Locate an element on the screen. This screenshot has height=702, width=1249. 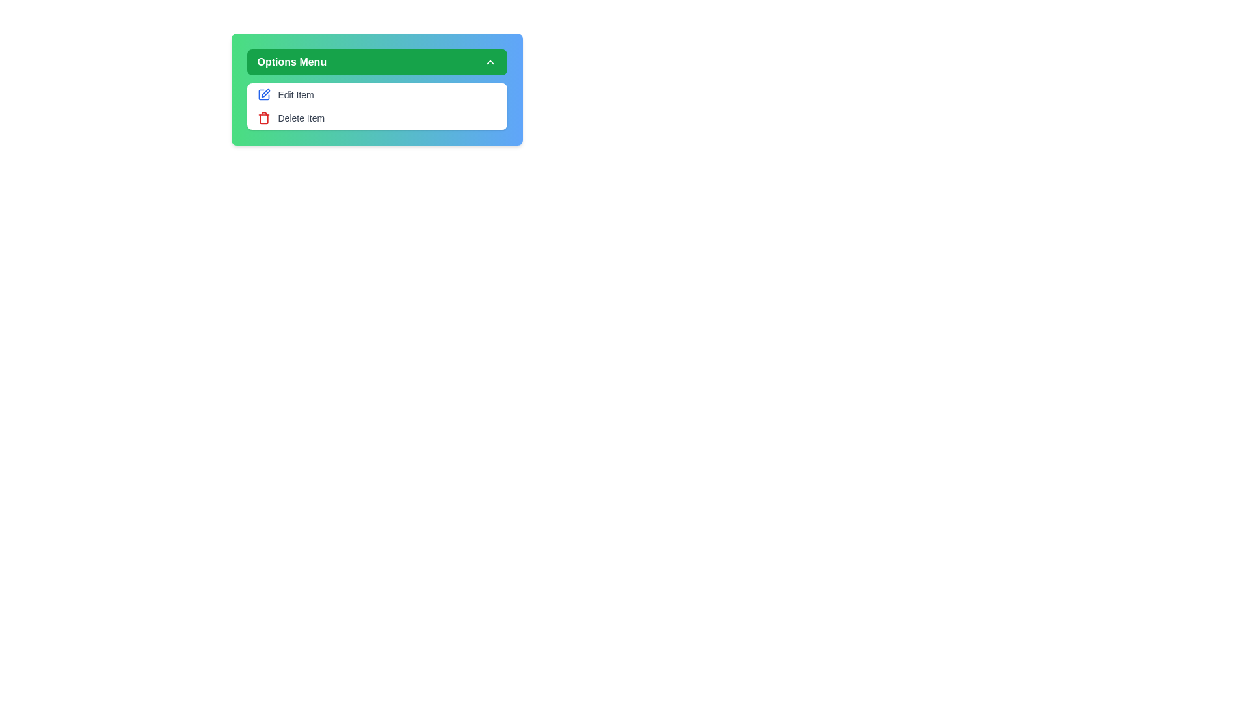
the Edit icon in the menu is located at coordinates (263, 94).